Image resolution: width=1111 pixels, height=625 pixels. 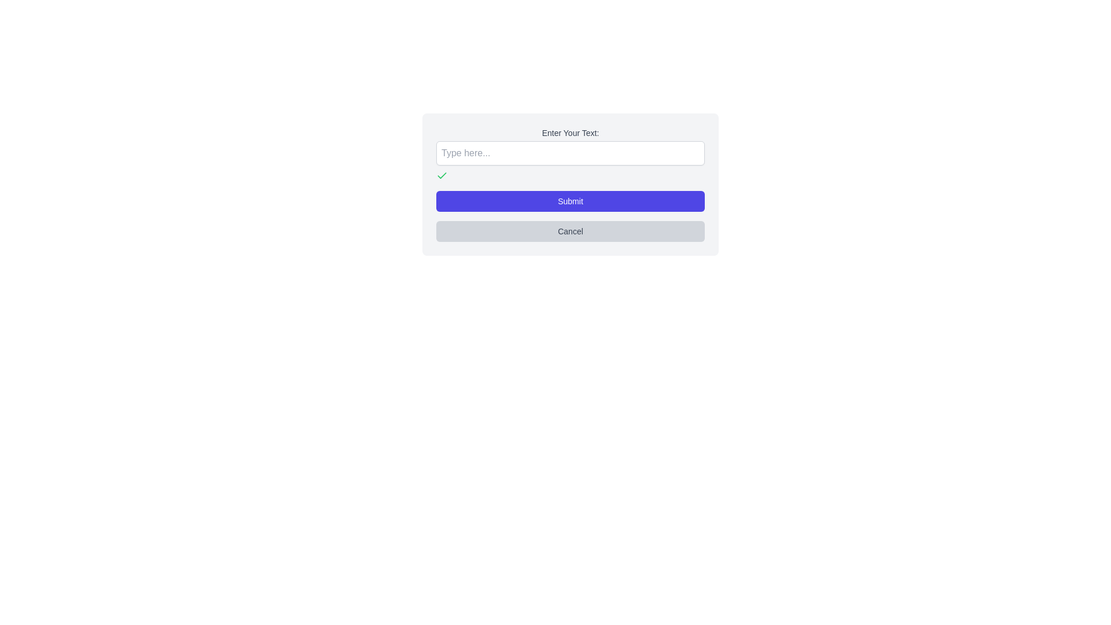 I want to click on the text label displaying 'Enter Your Text:' which is styled in gray and positioned above a text input field, so click(x=570, y=133).